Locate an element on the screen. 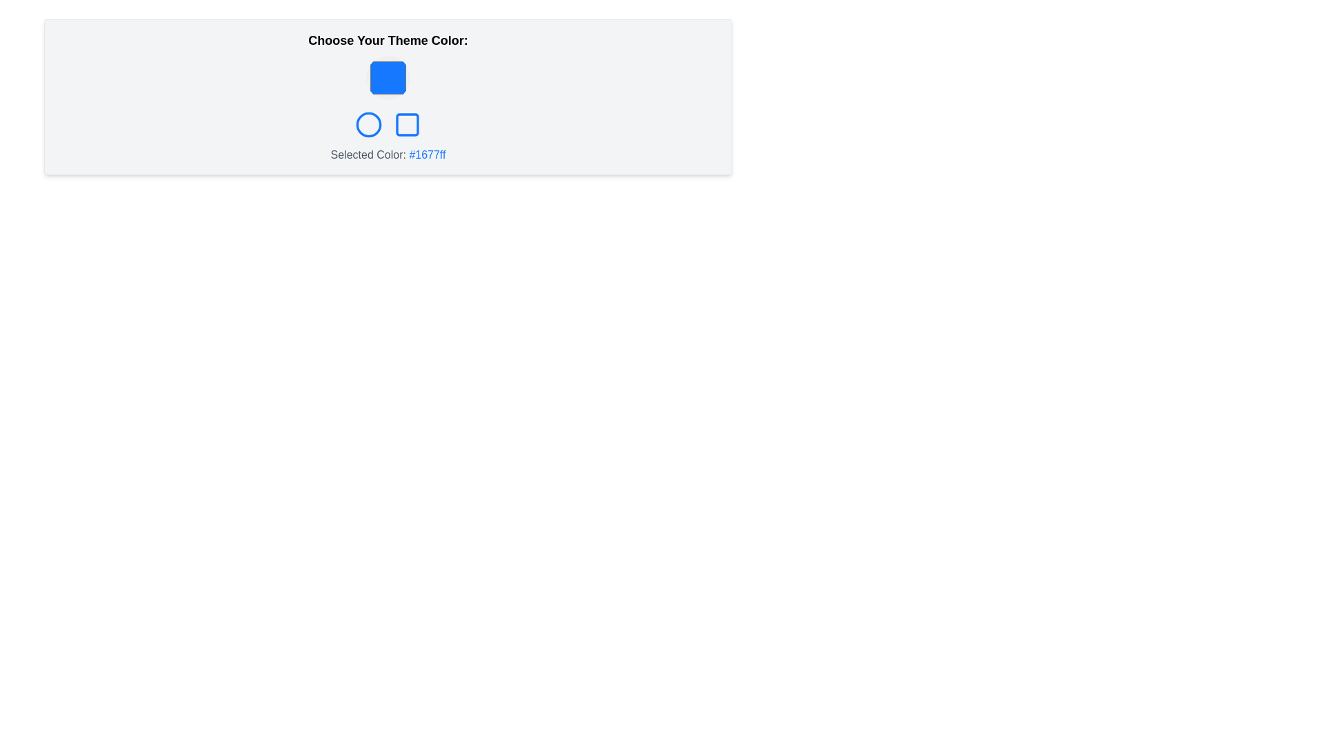 This screenshot has width=1324, height=745. the circle graphic within the Graphic Selector Component is located at coordinates (387, 125).